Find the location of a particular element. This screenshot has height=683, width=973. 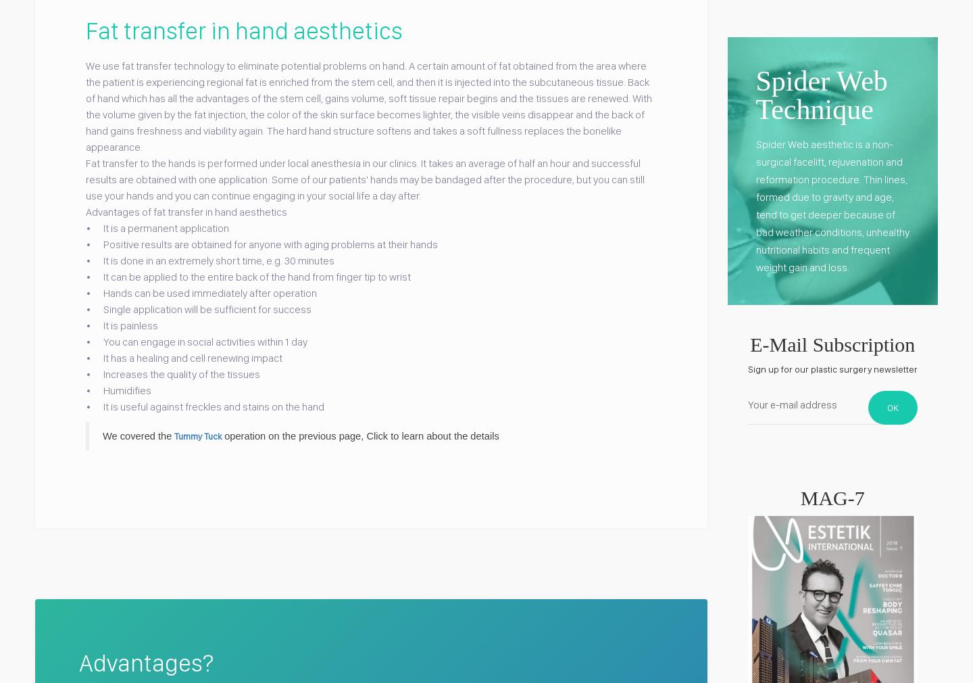

'We covered the' is located at coordinates (139, 434).